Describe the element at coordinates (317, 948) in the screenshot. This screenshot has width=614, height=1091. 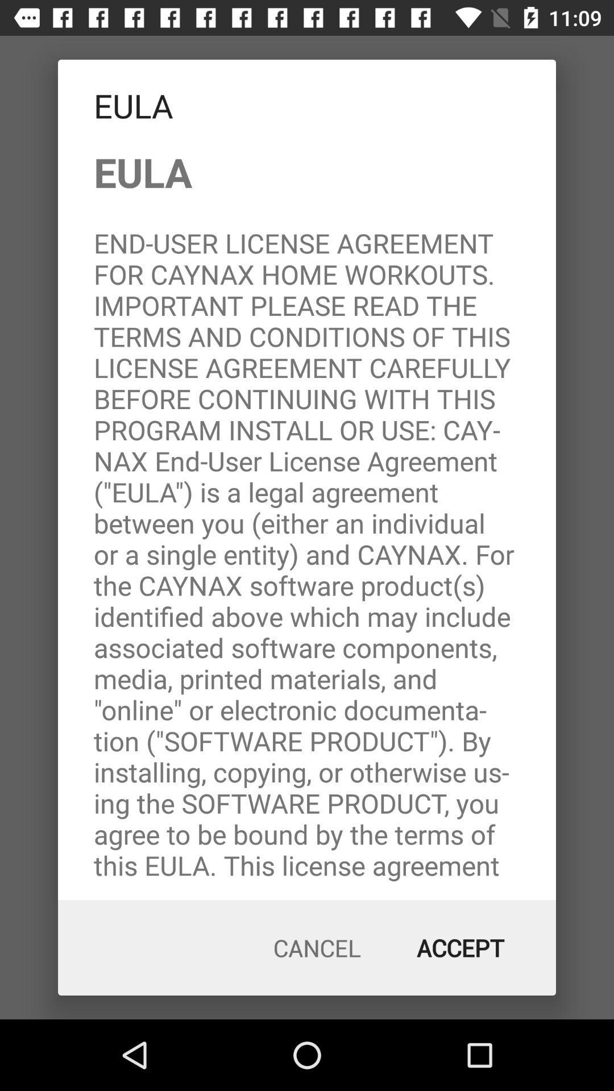
I see `the app below the eula end user item` at that location.